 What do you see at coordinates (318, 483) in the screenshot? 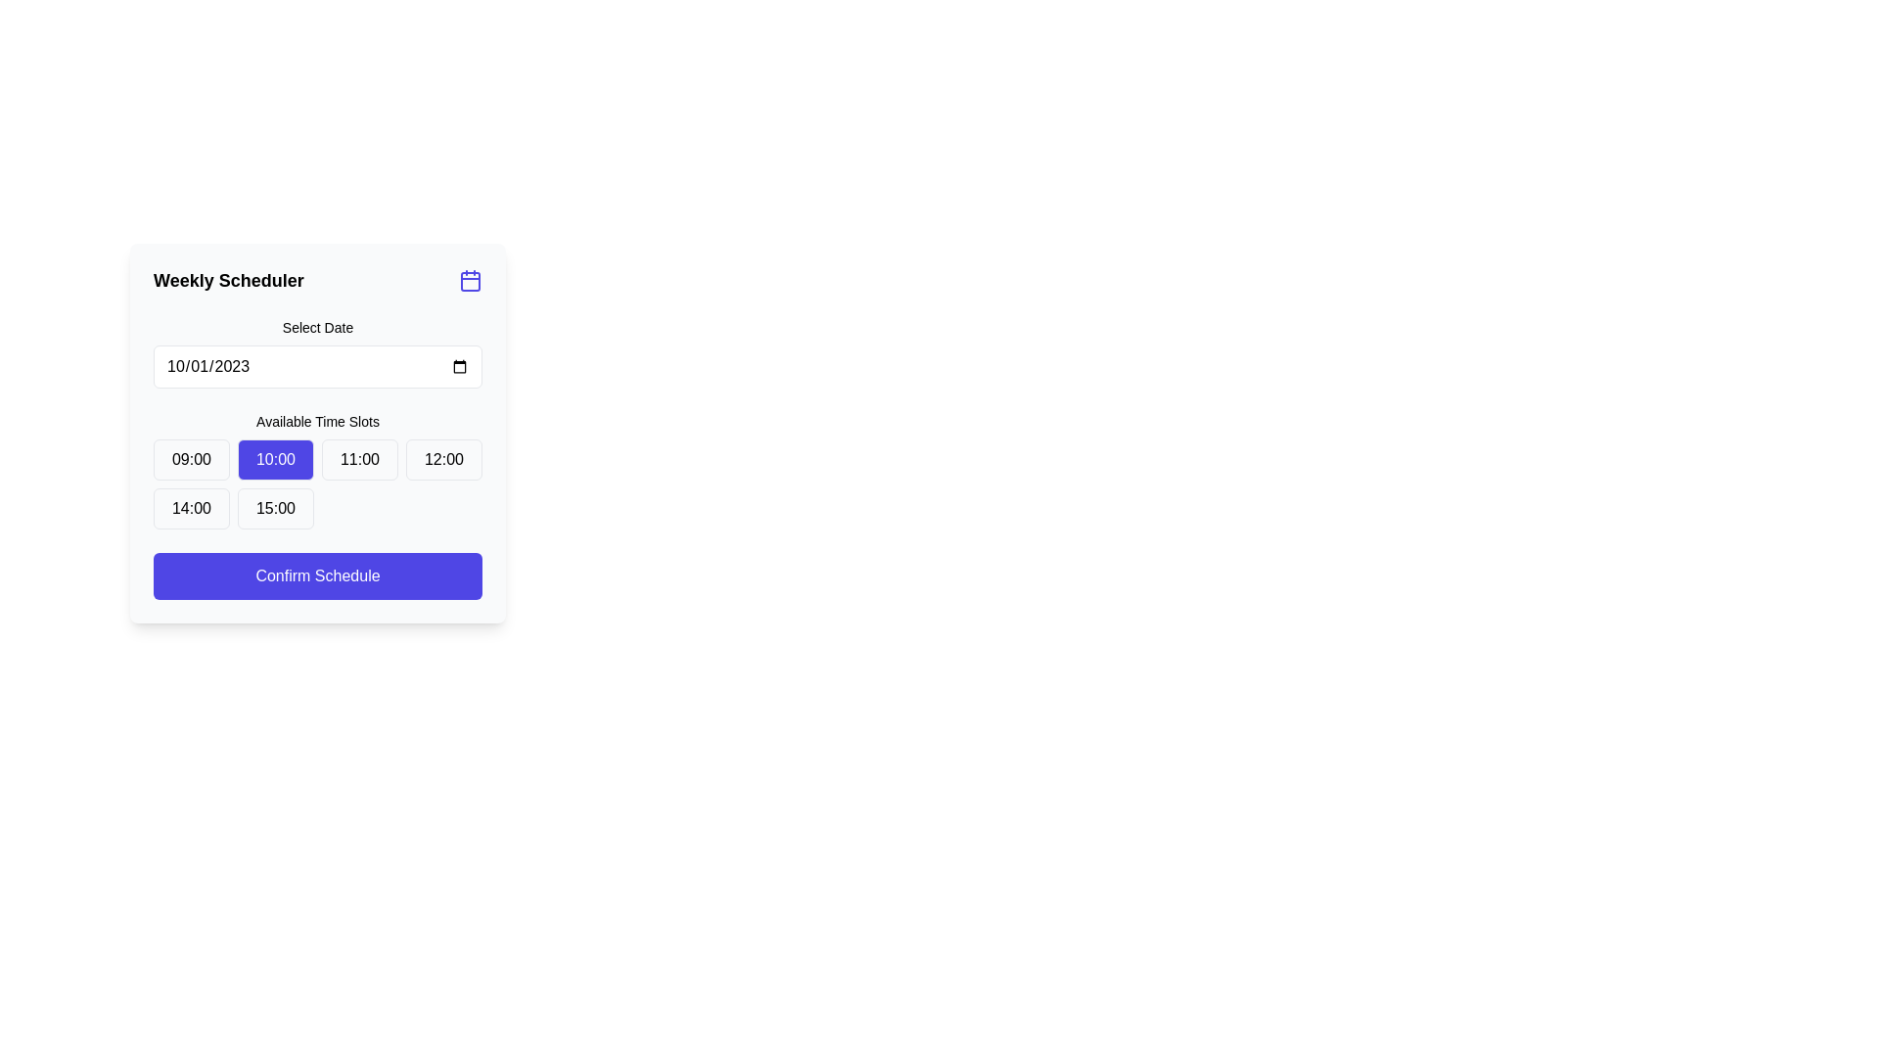
I see `the '10:00' time slot within the 'Available Time Slots' section of the 'Weekly Scheduler' panel` at bounding box center [318, 483].